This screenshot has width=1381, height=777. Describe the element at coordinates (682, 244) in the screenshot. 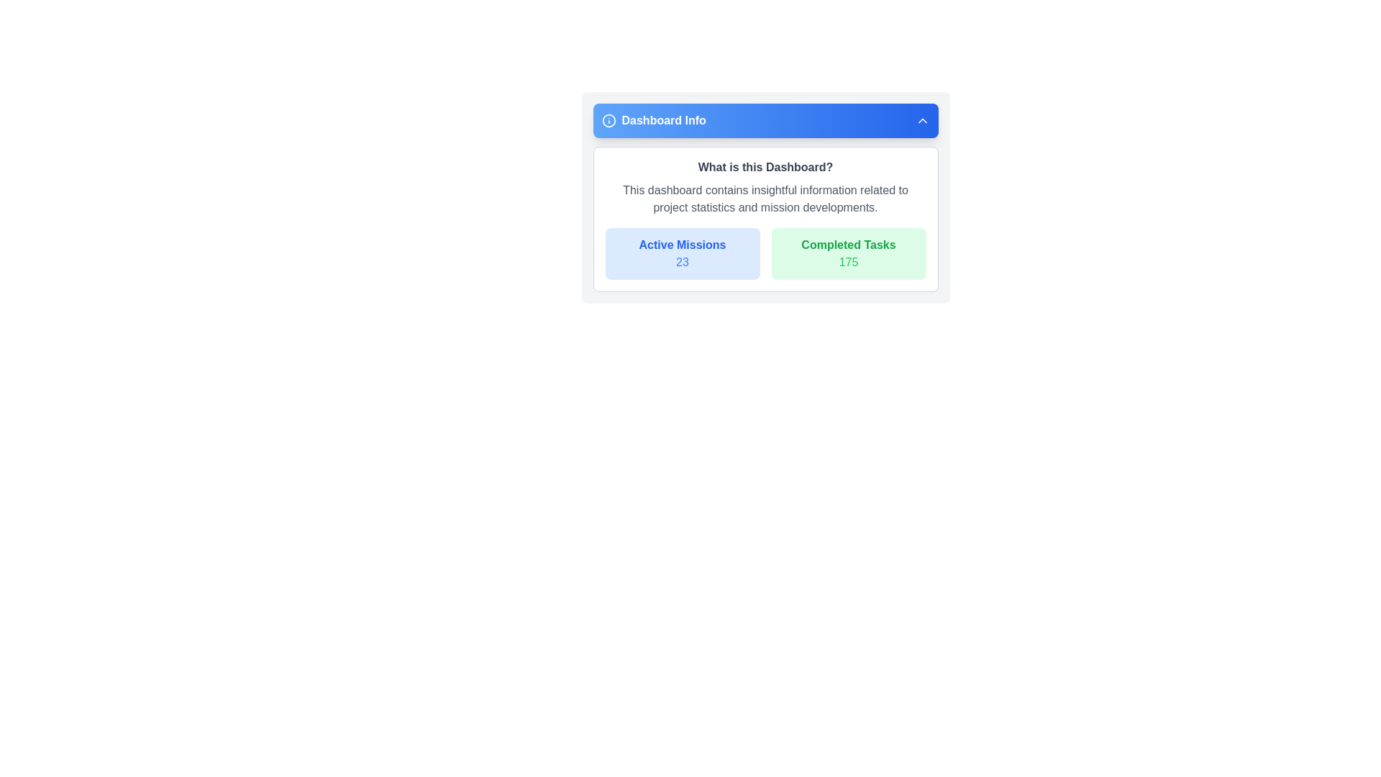

I see `the Text Label that serves as a title for the count of active missions in the dashboard, positioned above the numeric value '23'` at that location.